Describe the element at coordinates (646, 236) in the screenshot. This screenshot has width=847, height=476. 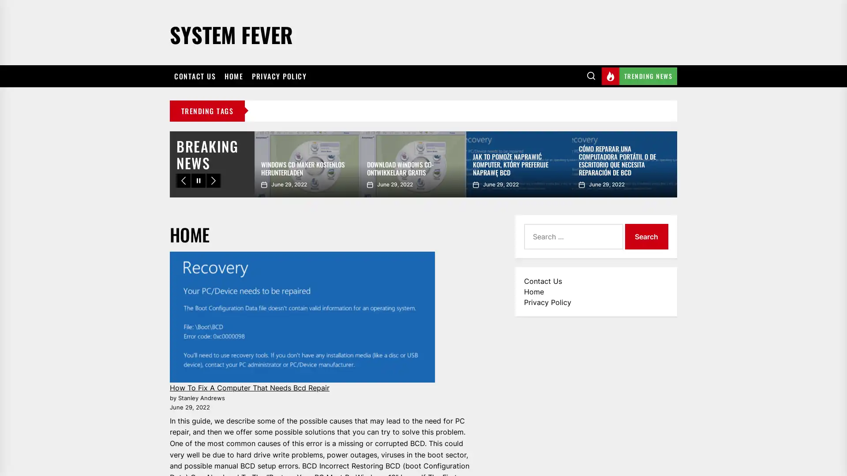
I see `Search` at that location.